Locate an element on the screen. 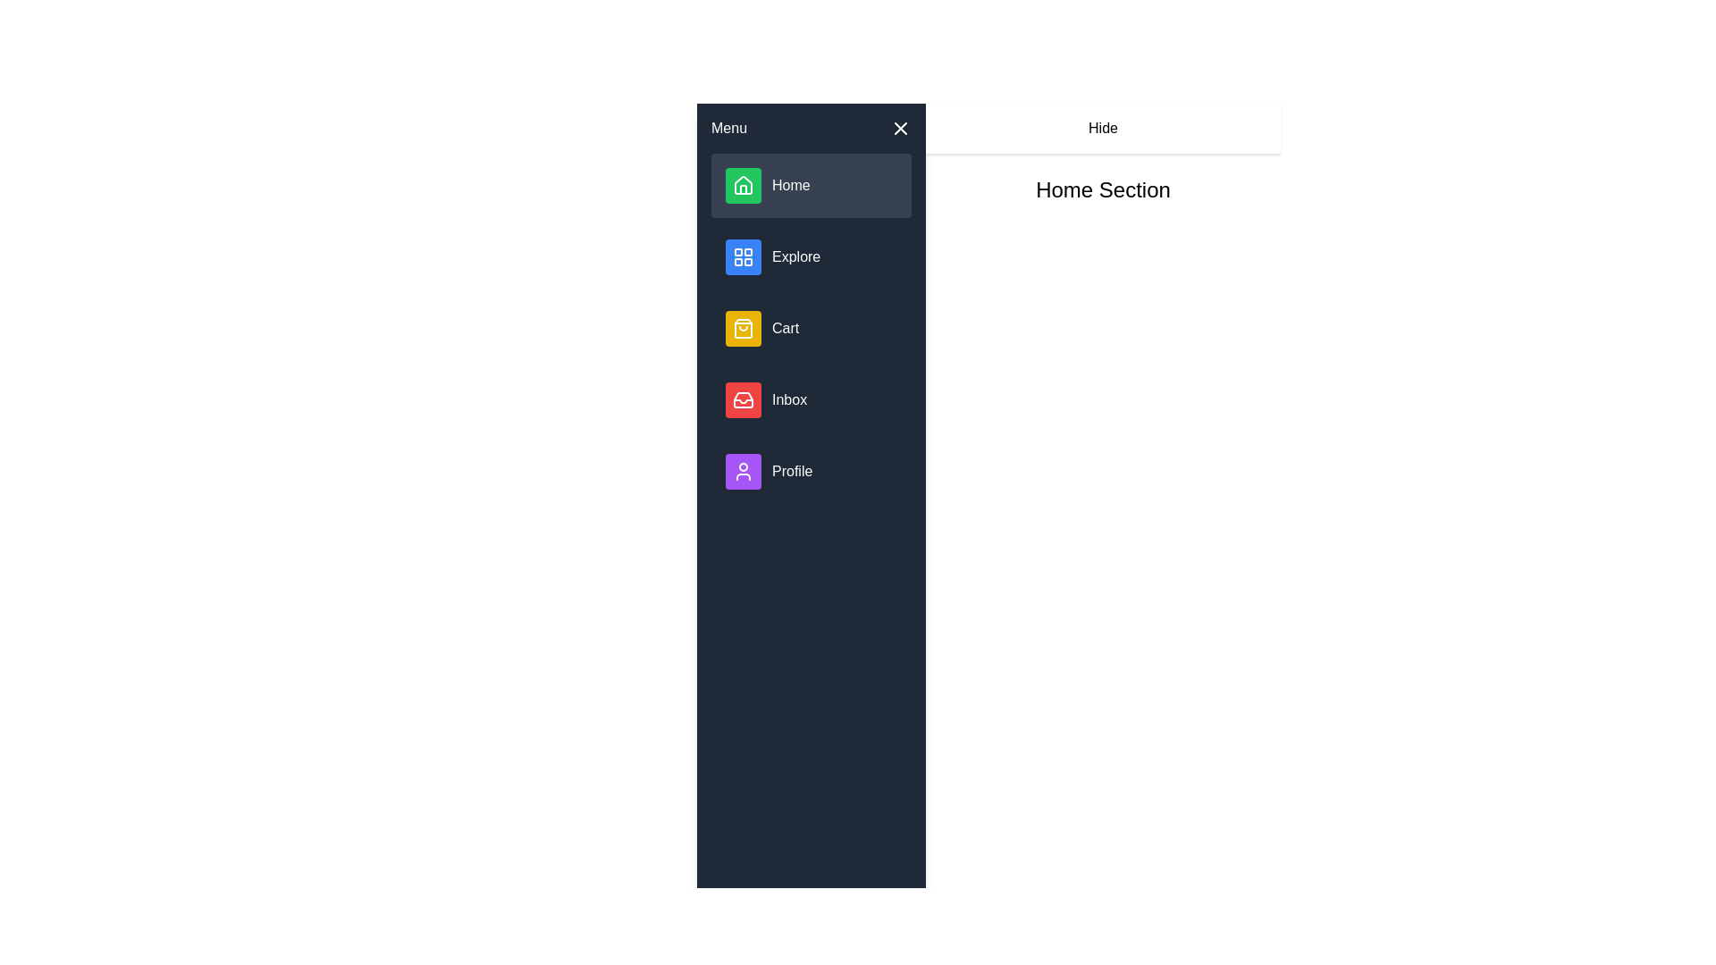  the second button in the vertical menu is located at coordinates (810, 257).